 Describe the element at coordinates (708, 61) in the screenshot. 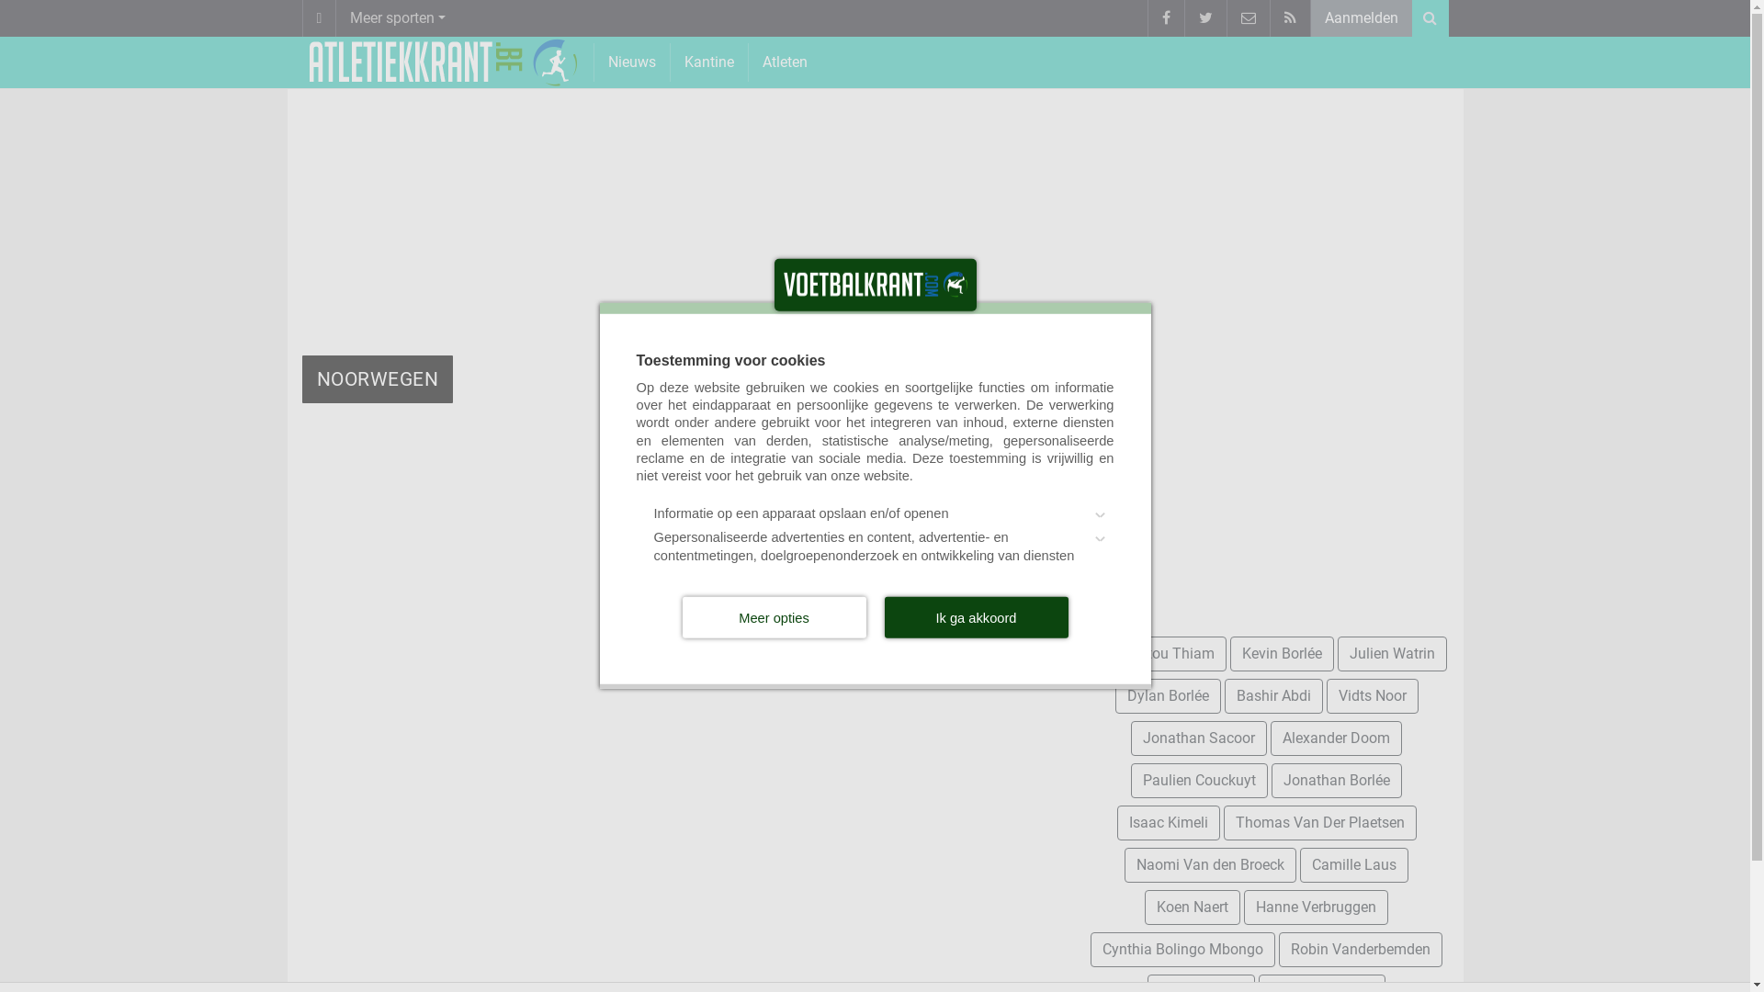

I see `'Kantine'` at that location.